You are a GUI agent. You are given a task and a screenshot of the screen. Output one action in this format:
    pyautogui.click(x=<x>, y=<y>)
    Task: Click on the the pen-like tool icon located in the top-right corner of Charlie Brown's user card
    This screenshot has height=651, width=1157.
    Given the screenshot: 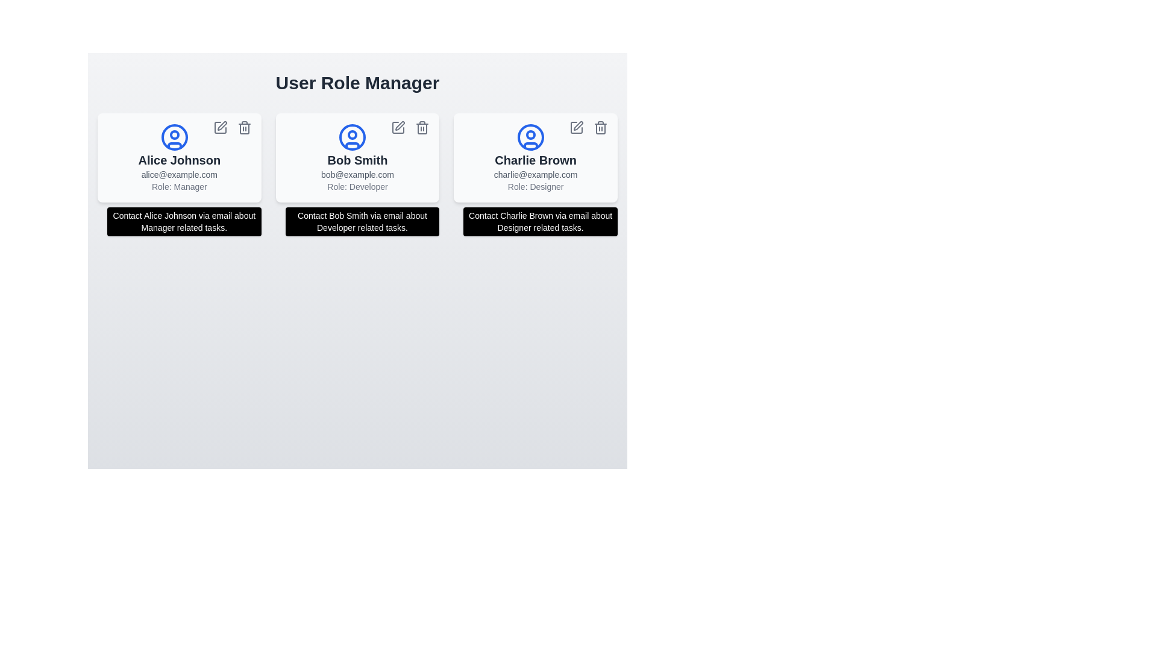 What is the action you would take?
    pyautogui.click(x=578, y=125)
    